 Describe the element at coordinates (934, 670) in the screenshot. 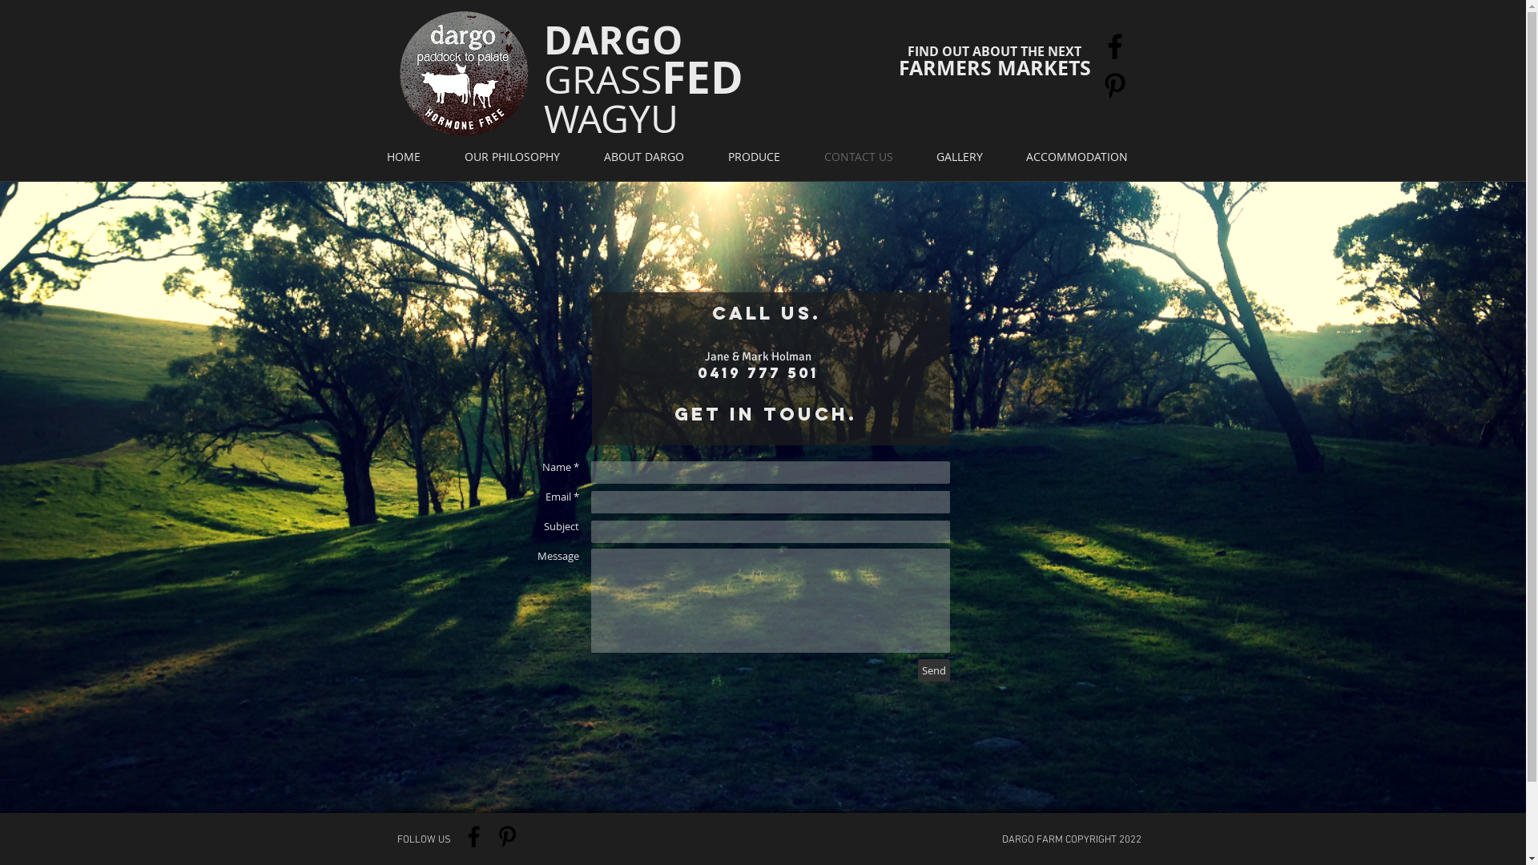

I see `'Send'` at that location.